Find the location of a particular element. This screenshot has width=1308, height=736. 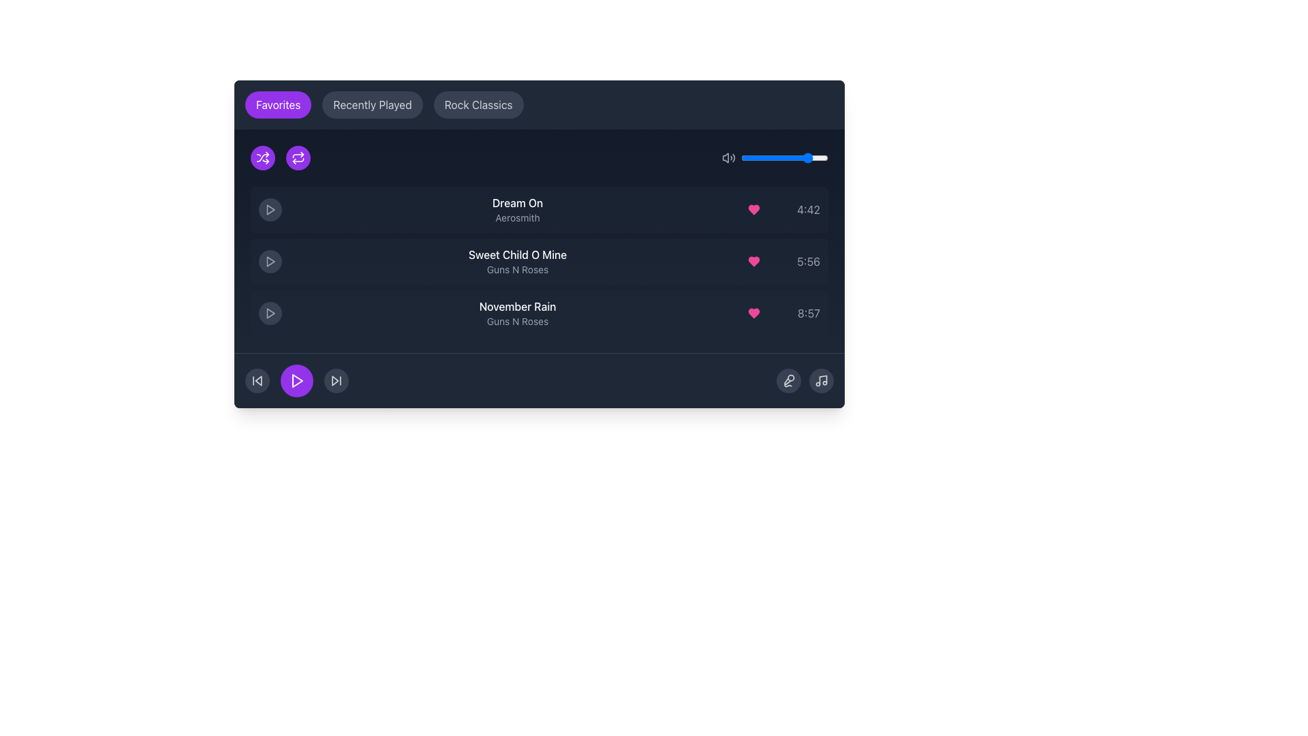

the third music track listing element, which features the song 'November Rain' by 'Guns N Roses' is located at coordinates (539, 313).